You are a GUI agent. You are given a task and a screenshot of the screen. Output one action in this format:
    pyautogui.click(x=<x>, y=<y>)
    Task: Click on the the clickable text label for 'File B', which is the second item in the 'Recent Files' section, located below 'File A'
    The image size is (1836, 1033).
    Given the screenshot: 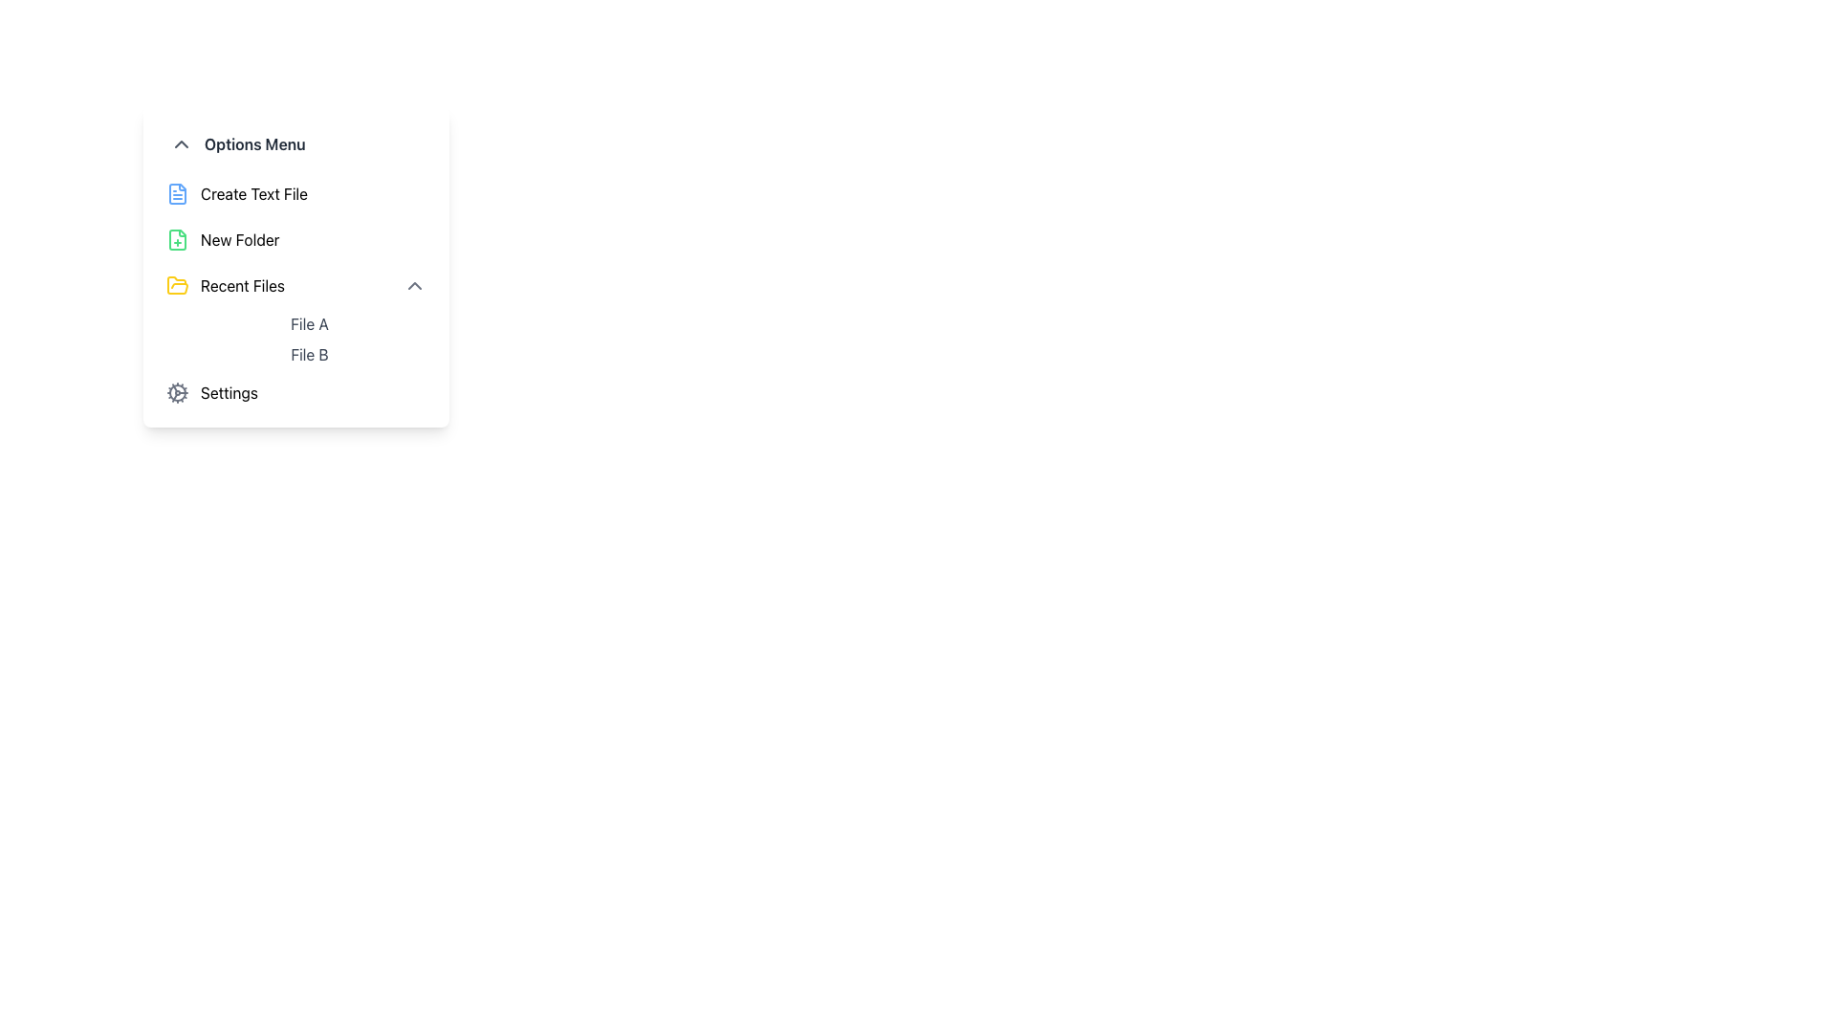 What is the action you would take?
    pyautogui.click(x=310, y=354)
    